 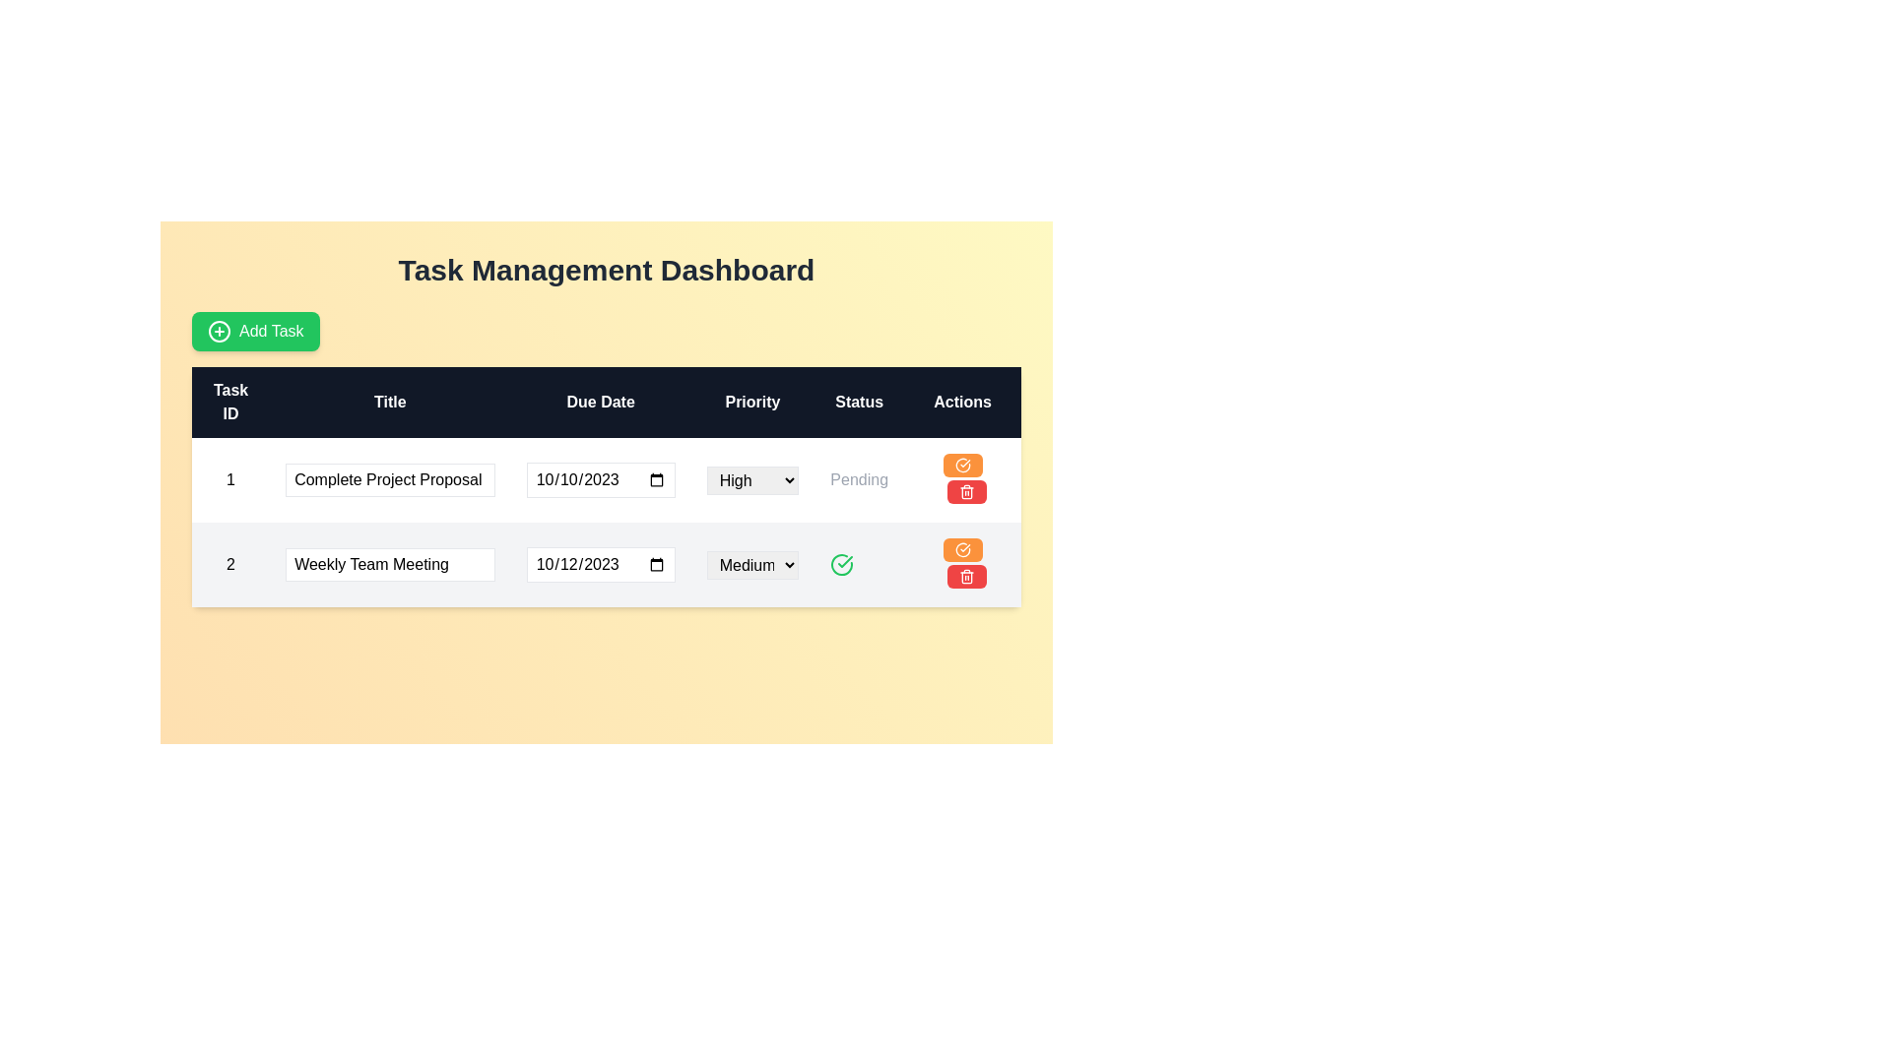 What do you see at coordinates (230, 565) in the screenshot?
I see `the Text label in the second row under the 'Task ID' column` at bounding box center [230, 565].